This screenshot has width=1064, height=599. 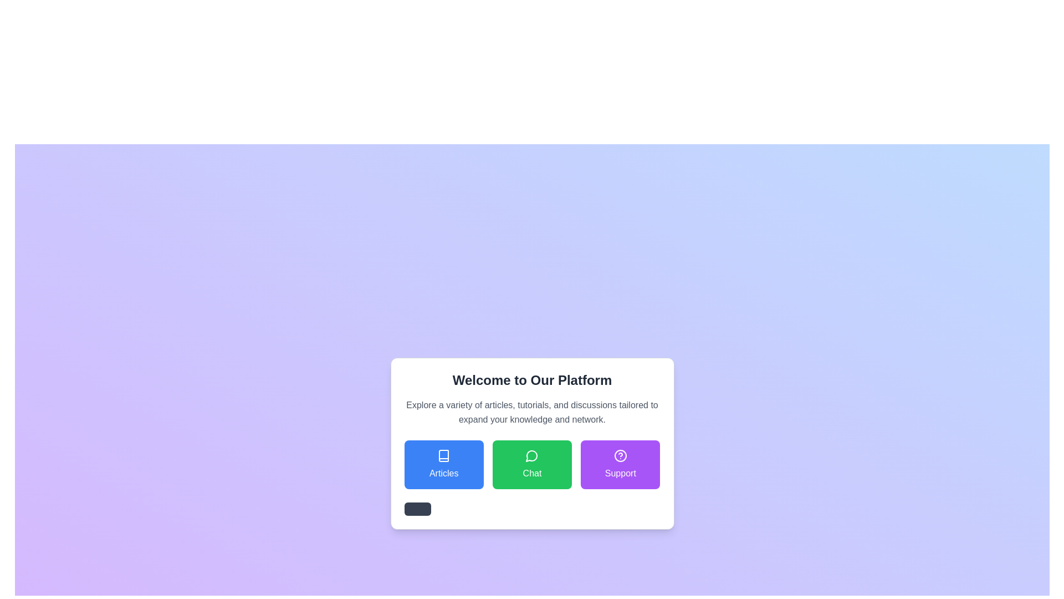 What do you see at coordinates (532, 464) in the screenshot?
I see `the green 'Chat' button, which features a white speech bubble icon above the text` at bounding box center [532, 464].